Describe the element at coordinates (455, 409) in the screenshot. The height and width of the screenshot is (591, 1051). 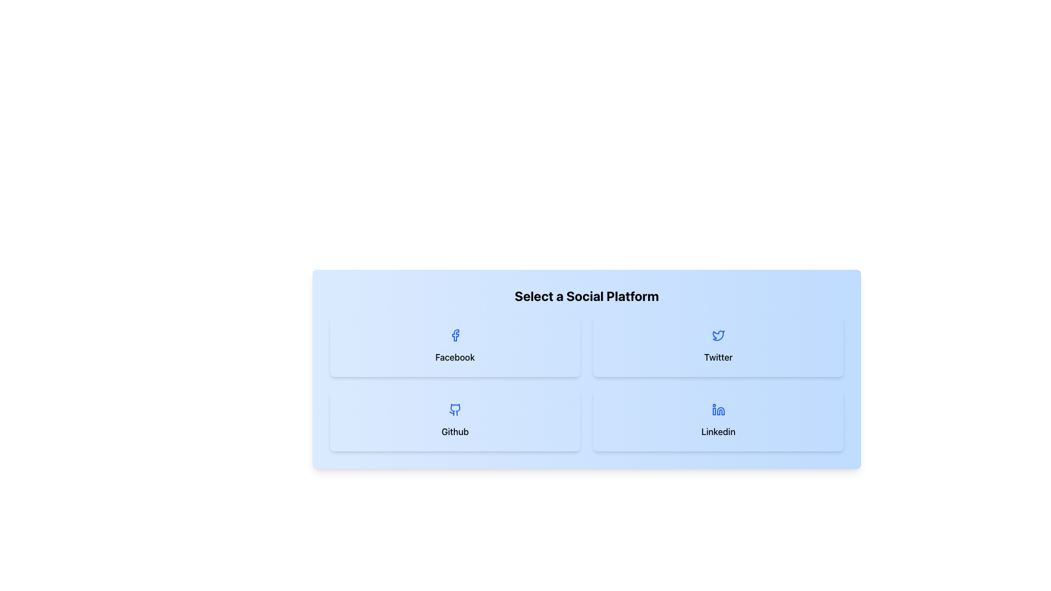
I see `the GitHub icon located in the second row, first column of the social platforms layout` at that location.